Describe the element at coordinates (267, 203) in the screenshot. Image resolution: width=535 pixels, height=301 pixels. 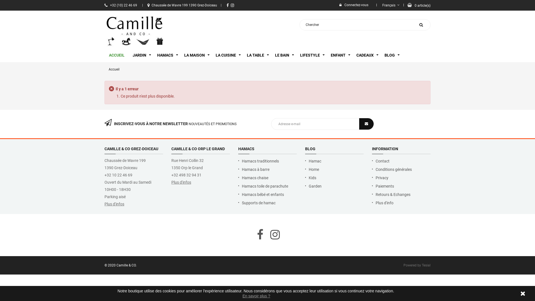
I see `'Supports de hamac'` at that location.